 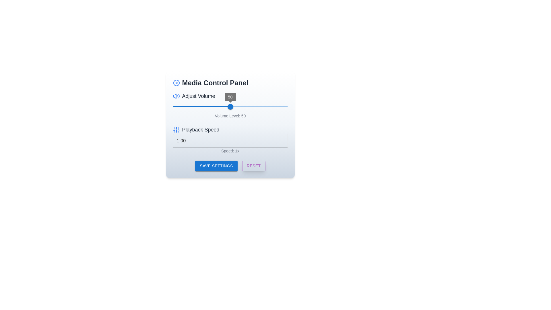 I want to click on the text label with an icon that indicates volume adjustment functionality, located at the top left of the media control panel, so click(x=230, y=96).